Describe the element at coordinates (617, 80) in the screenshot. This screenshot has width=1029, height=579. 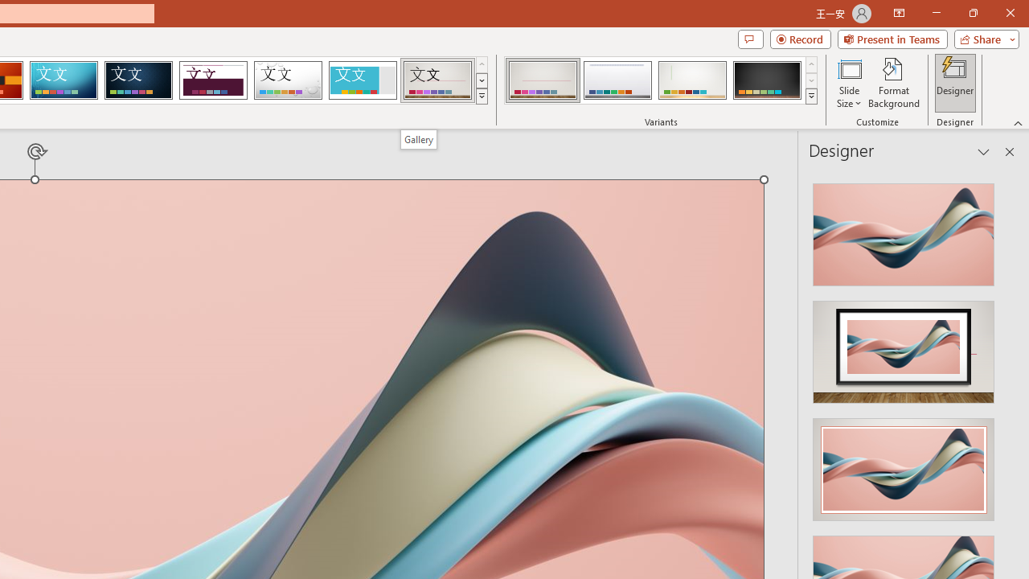
I see `'Gallery Variant 2'` at that location.